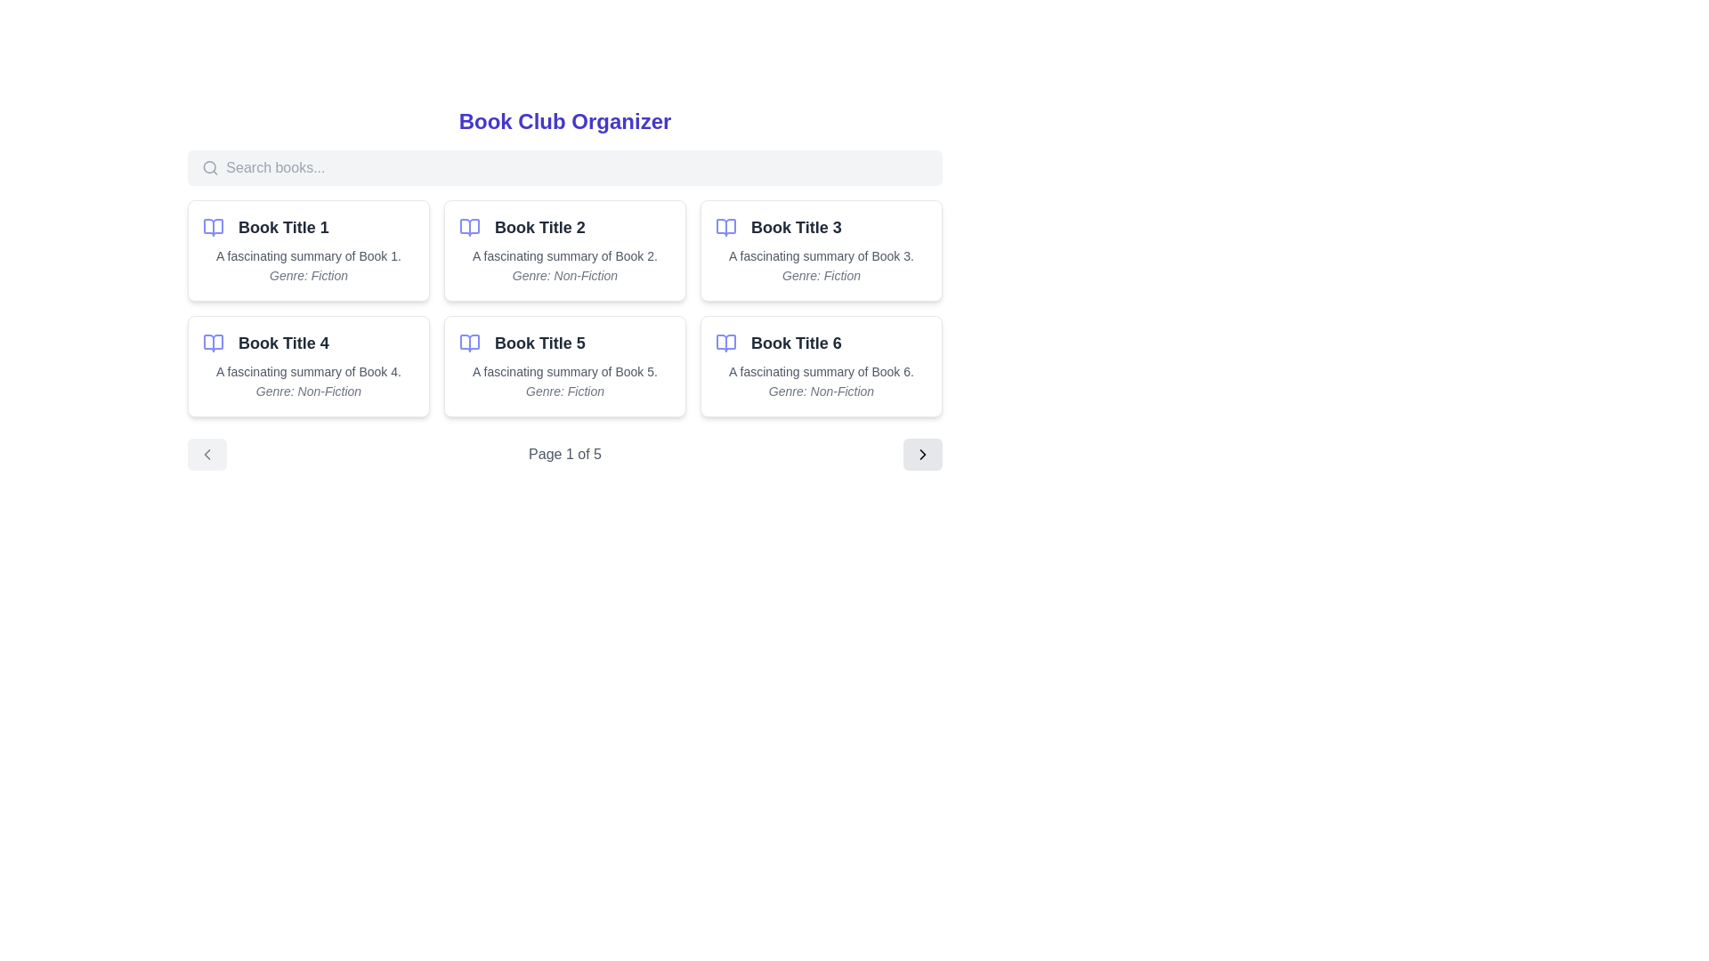 The height and width of the screenshot is (961, 1709). Describe the element at coordinates (820, 275) in the screenshot. I see `the text label 'Genre: Fiction' which is styled in italic and smaller font, located at the bottom of the third card in the top row of the book list grid` at that location.